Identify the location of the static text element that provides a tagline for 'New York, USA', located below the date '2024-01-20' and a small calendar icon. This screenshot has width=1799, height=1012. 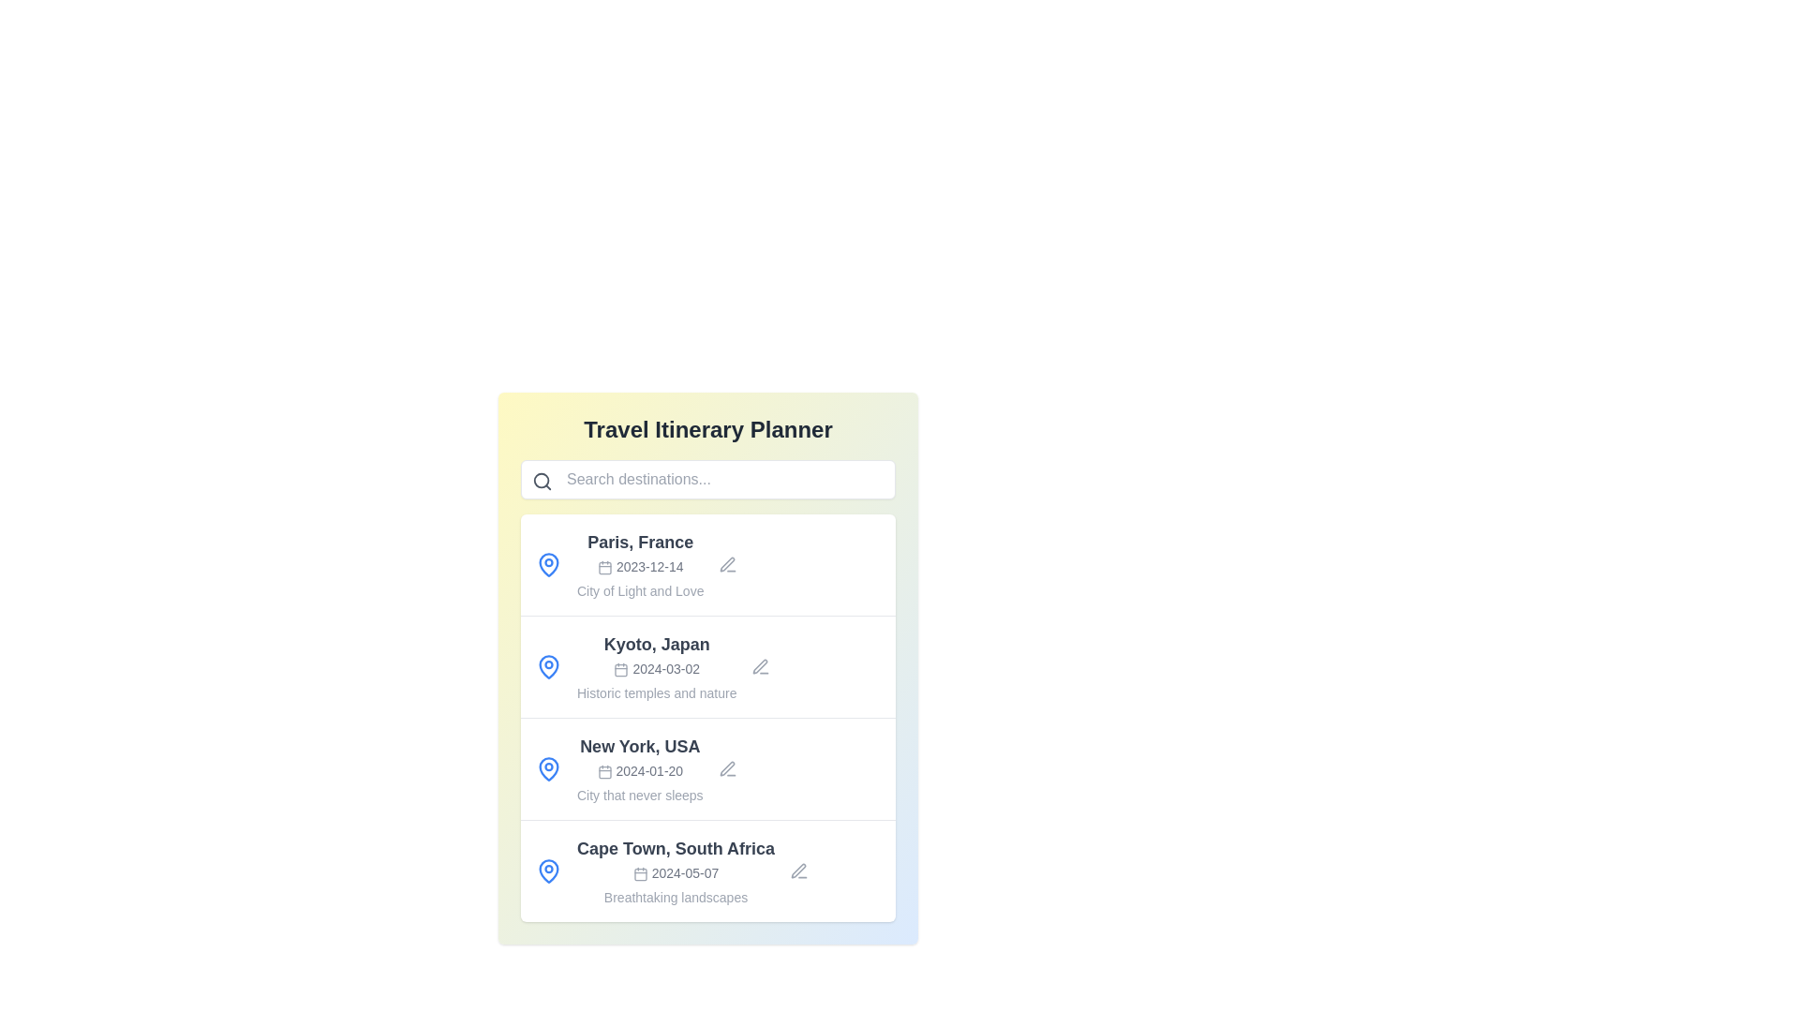
(640, 795).